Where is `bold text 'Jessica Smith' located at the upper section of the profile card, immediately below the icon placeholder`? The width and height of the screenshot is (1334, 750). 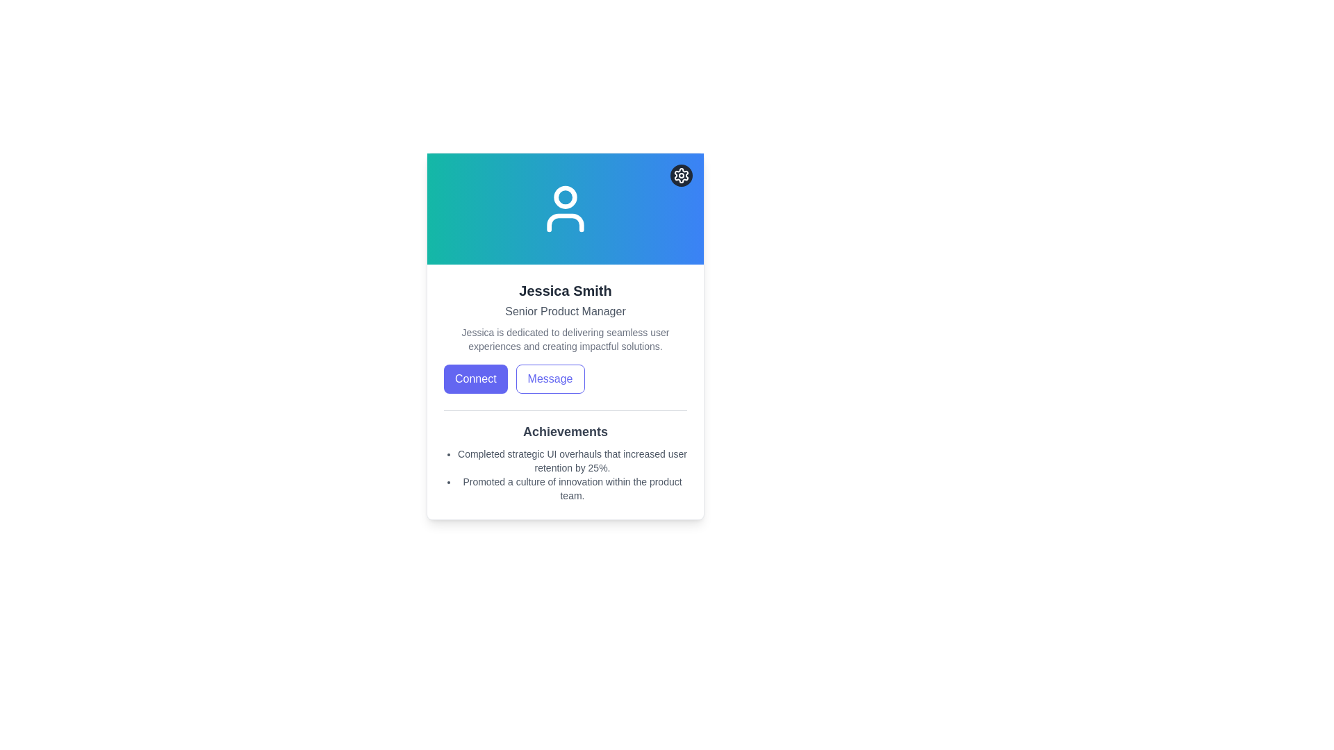 bold text 'Jessica Smith' located at the upper section of the profile card, immediately below the icon placeholder is located at coordinates (566, 290).